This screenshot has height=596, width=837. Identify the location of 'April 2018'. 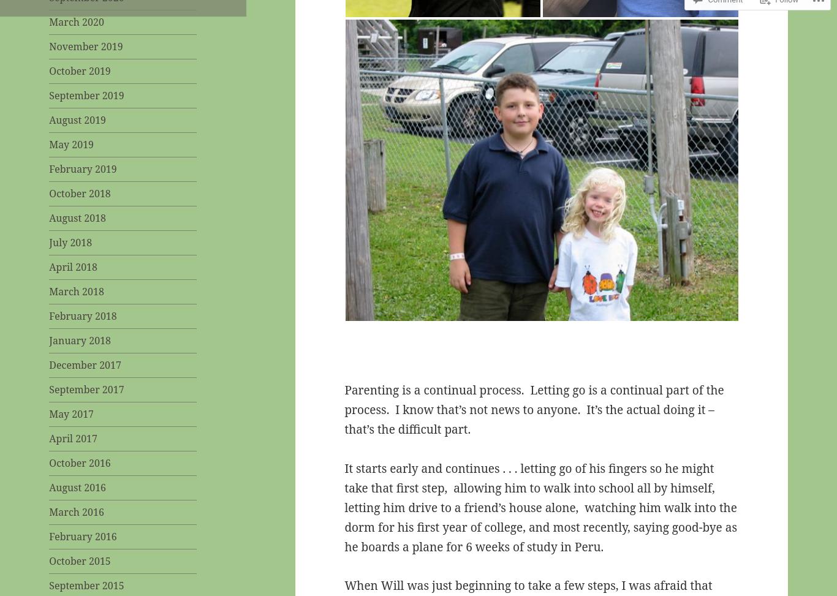
(72, 267).